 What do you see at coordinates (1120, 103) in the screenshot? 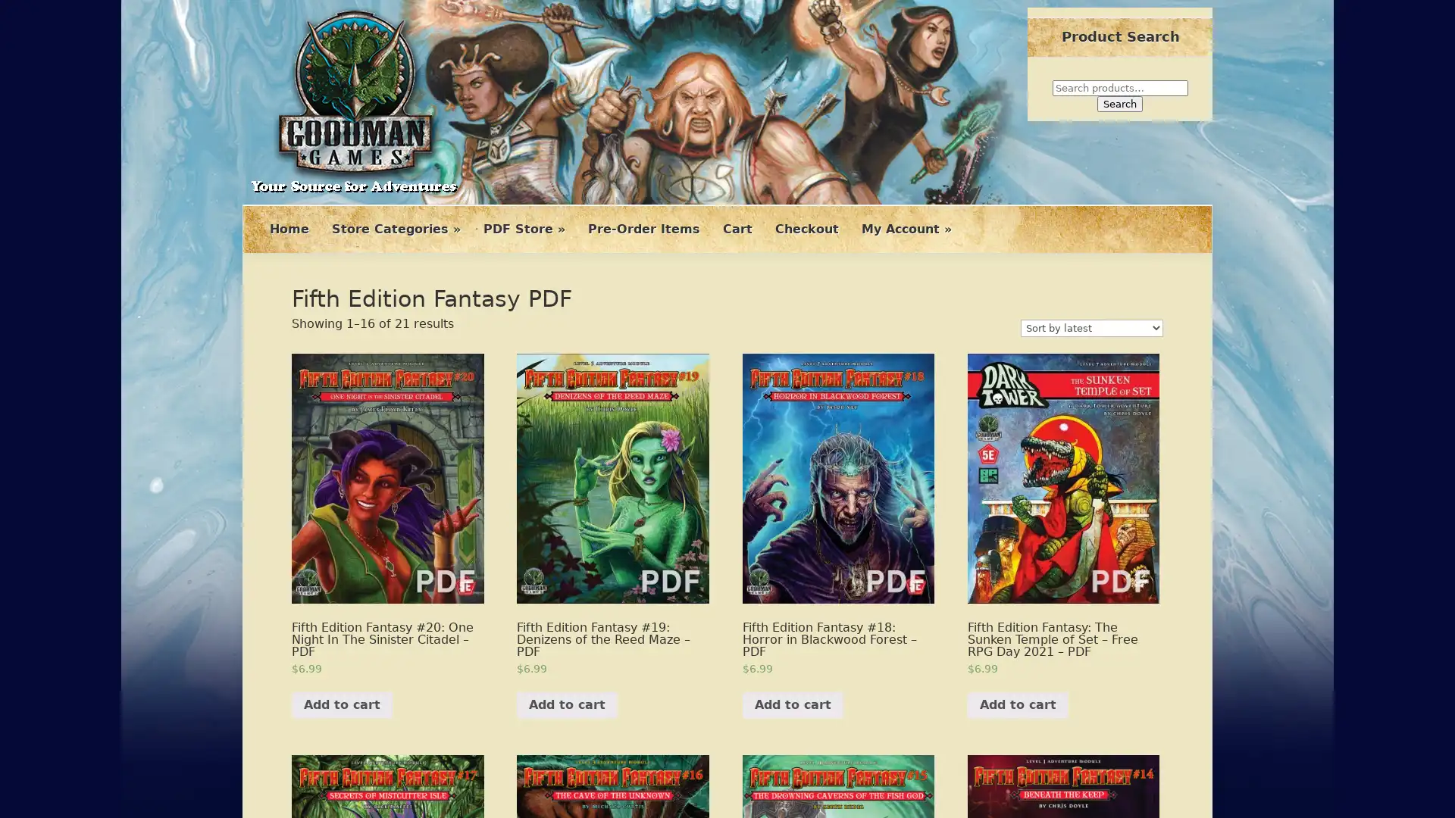
I see `Search` at bounding box center [1120, 103].